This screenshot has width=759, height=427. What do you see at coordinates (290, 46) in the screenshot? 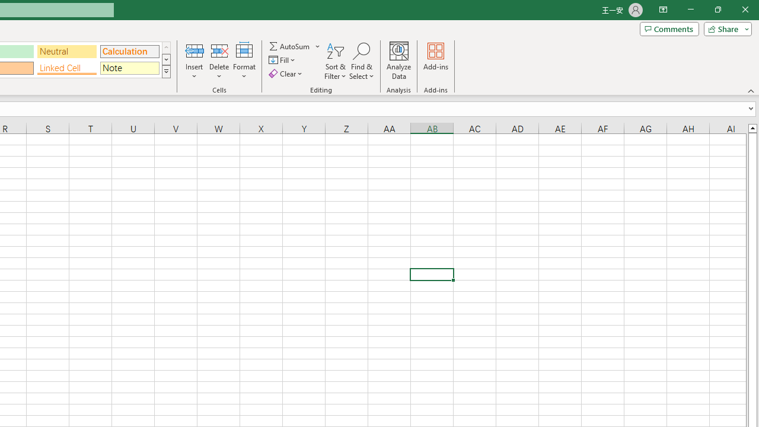
I see `'Sum'` at bounding box center [290, 46].